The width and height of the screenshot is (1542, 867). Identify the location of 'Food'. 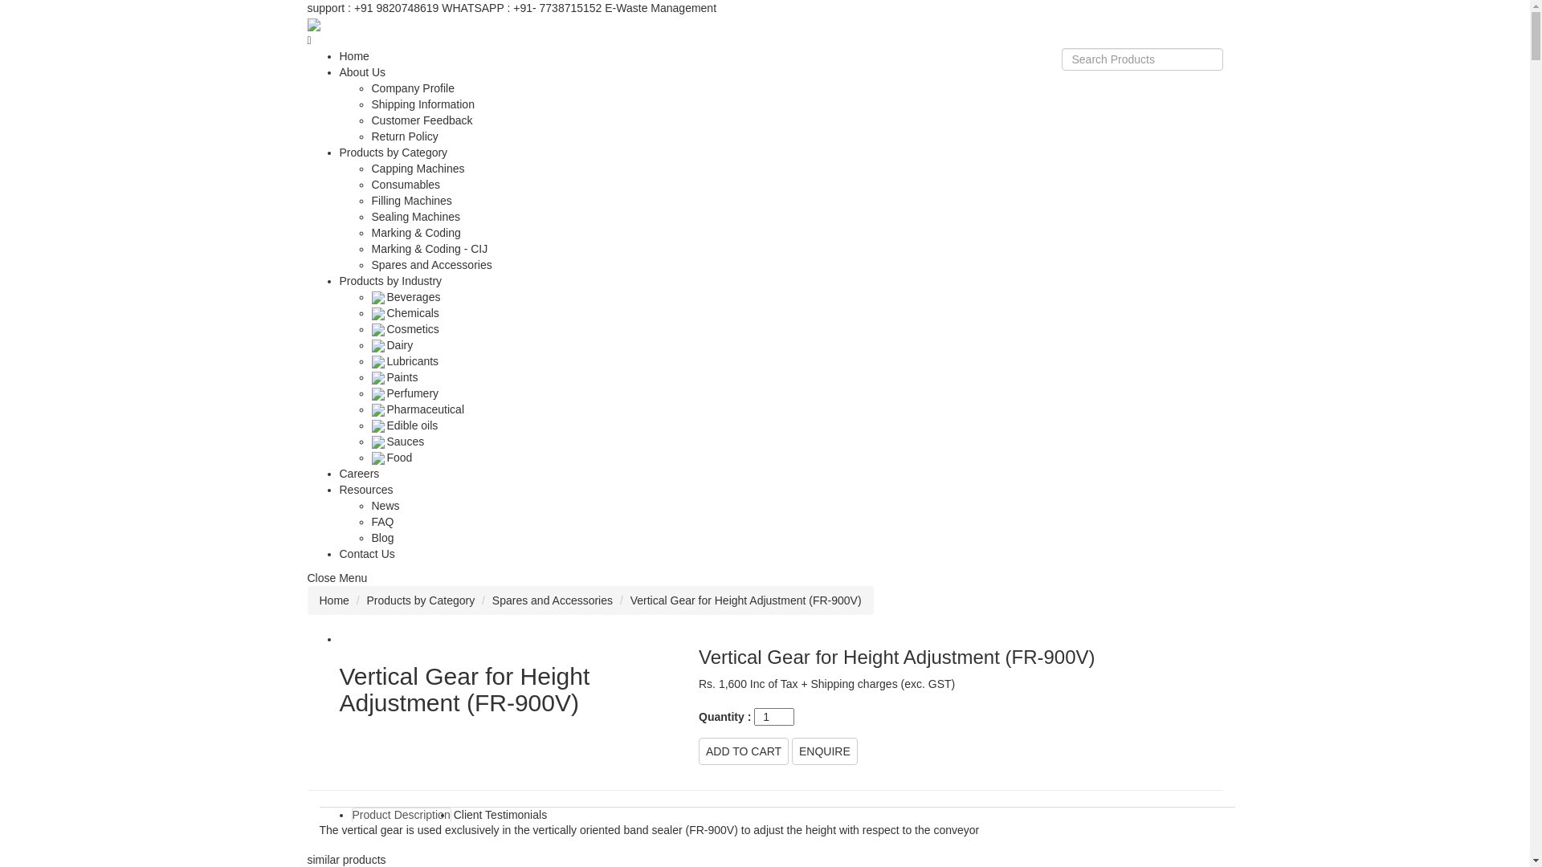
(391, 458).